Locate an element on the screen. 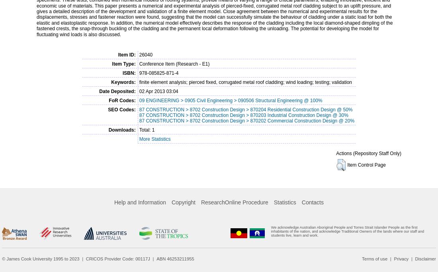 This screenshot has height=272, width=438. 'Conference Item
           (Research - E1)' is located at coordinates (174, 63).